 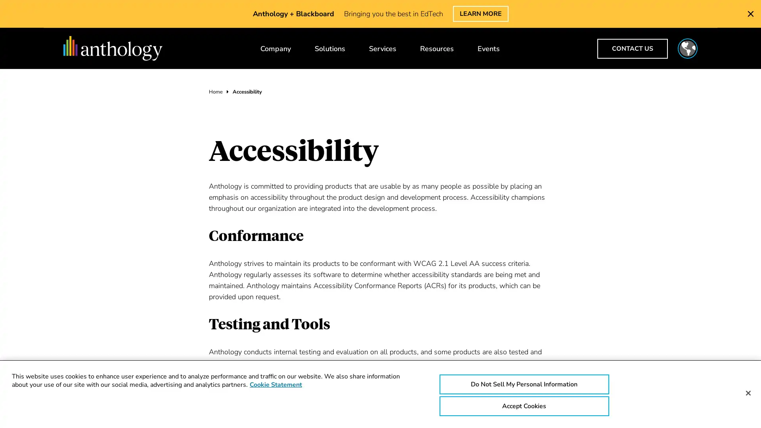 I want to click on CLOSE THE PAGE PEEL, so click(x=750, y=13).